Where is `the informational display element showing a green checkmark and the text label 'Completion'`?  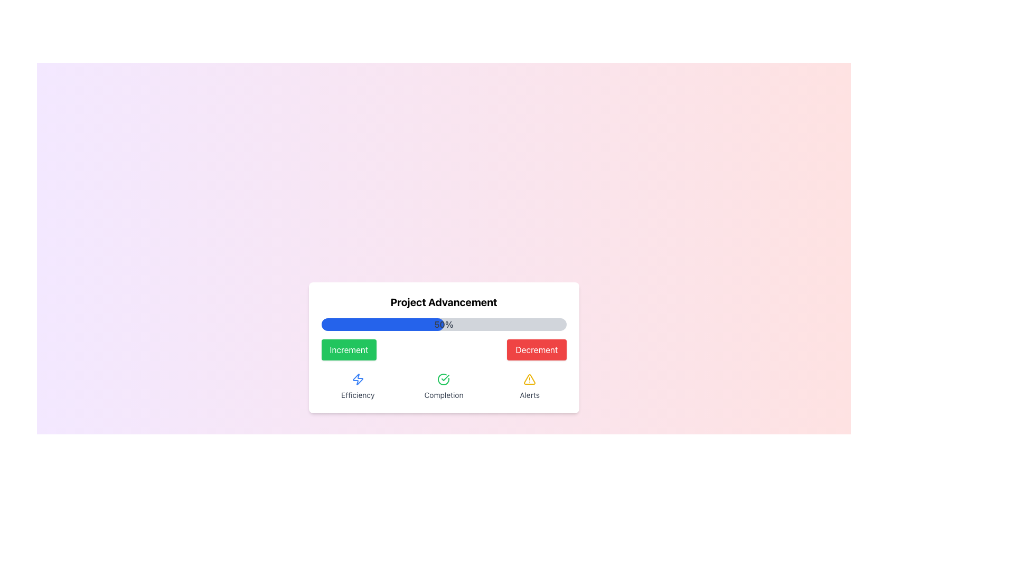 the informational display element showing a green checkmark and the text label 'Completion' is located at coordinates (444, 386).